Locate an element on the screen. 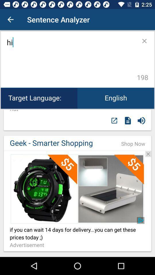 This screenshot has height=275, width=155. the advertisement is located at coordinates (28, 245).